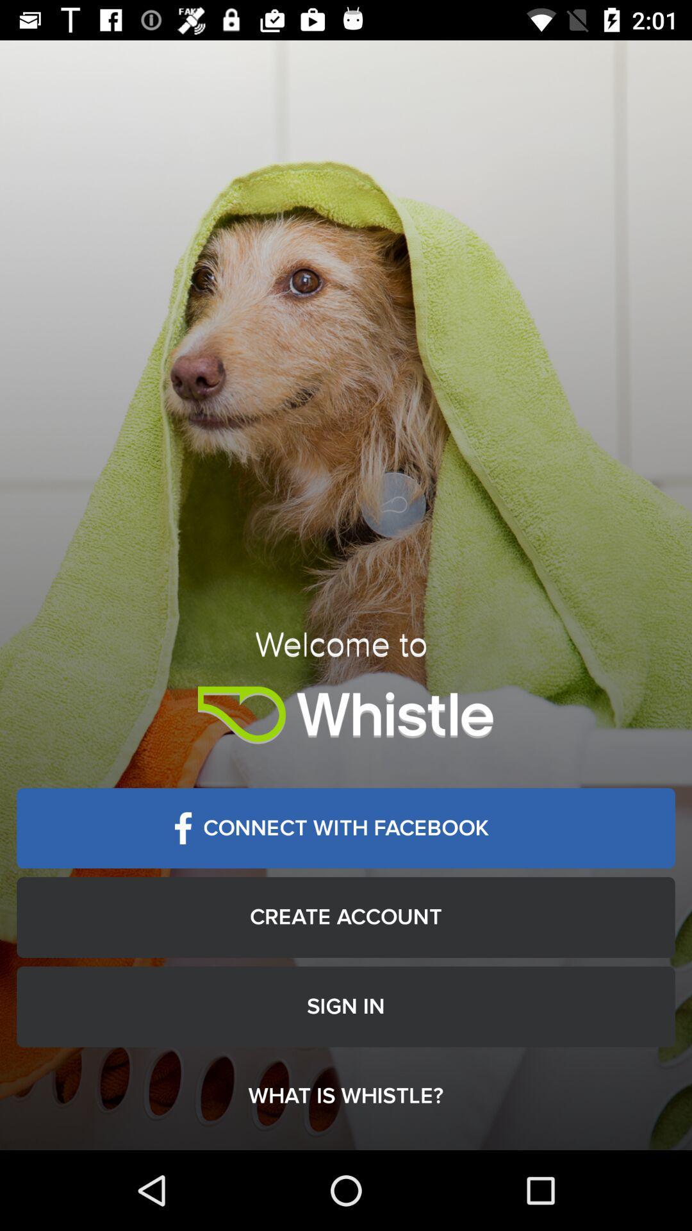 This screenshot has height=1231, width=692. Describe the element at coordinates (346, 916) in the screenshot. I see `create account` at that location.